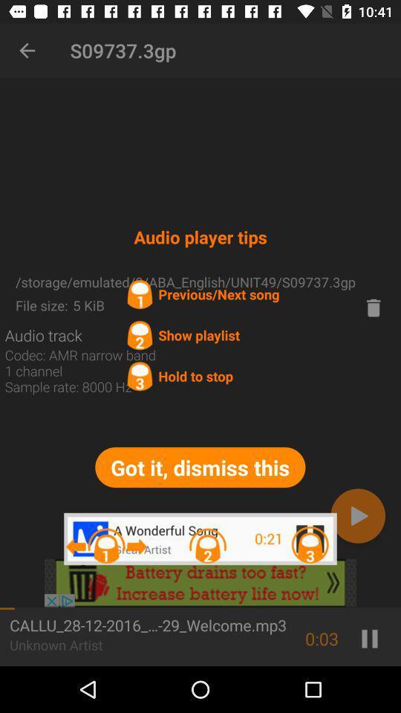 This screenshot has height=713, width=401. I want to click on next button, so click(357, 515).